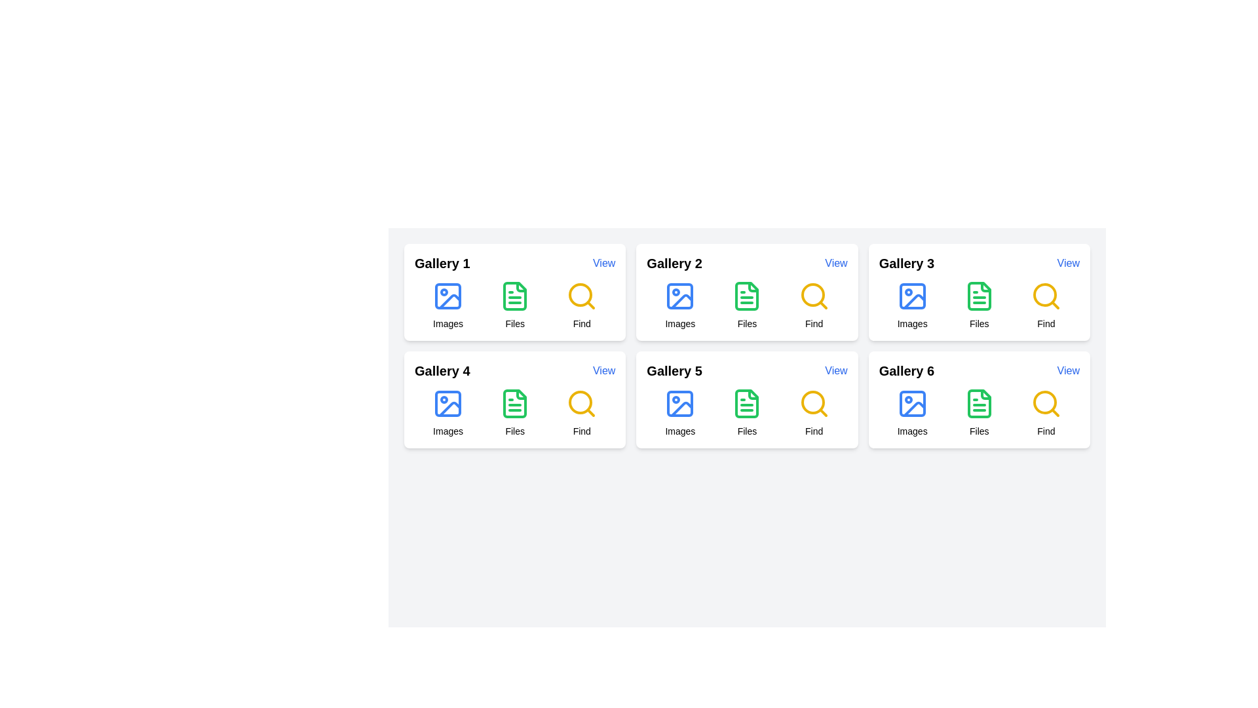 This screenshot has width=1258, height=708. What do you see at coordinates (812, 401) in the screenshot?
I see `search icon located in the 'Gallery 5' section, specifically in the second row and second column, by using the developer tool` at bounding box center [812, 401].